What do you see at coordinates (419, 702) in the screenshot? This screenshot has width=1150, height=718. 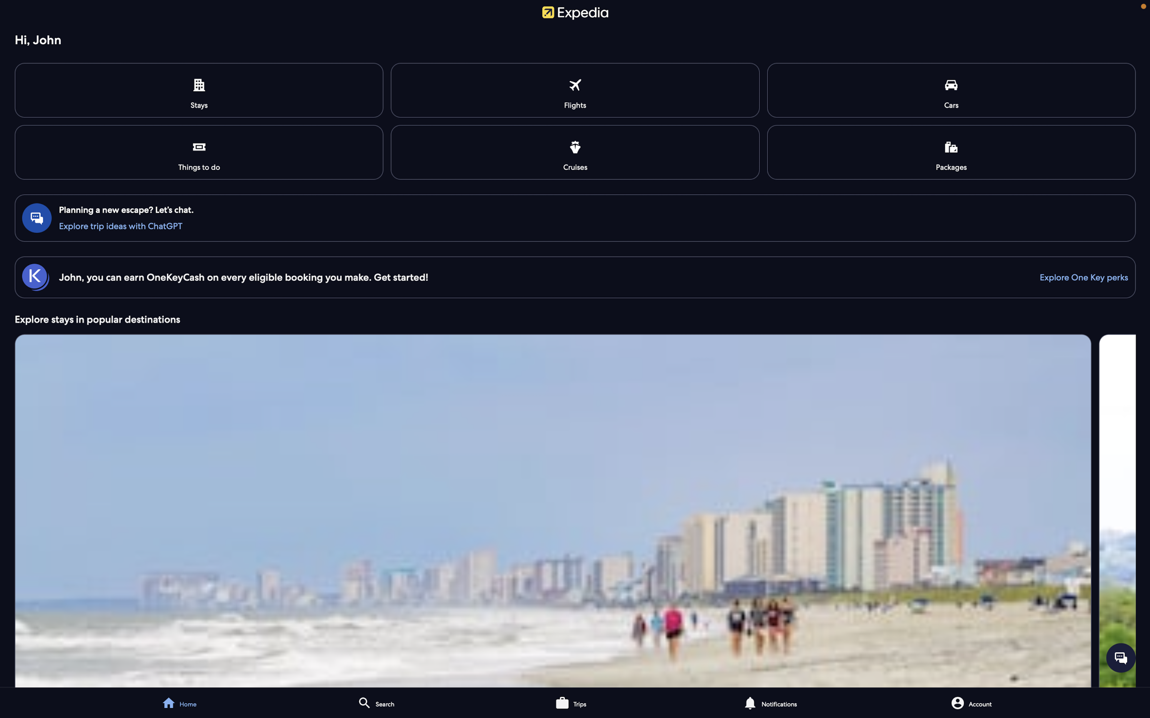 I see `a location in Paris` at bounding box center [419, 702].